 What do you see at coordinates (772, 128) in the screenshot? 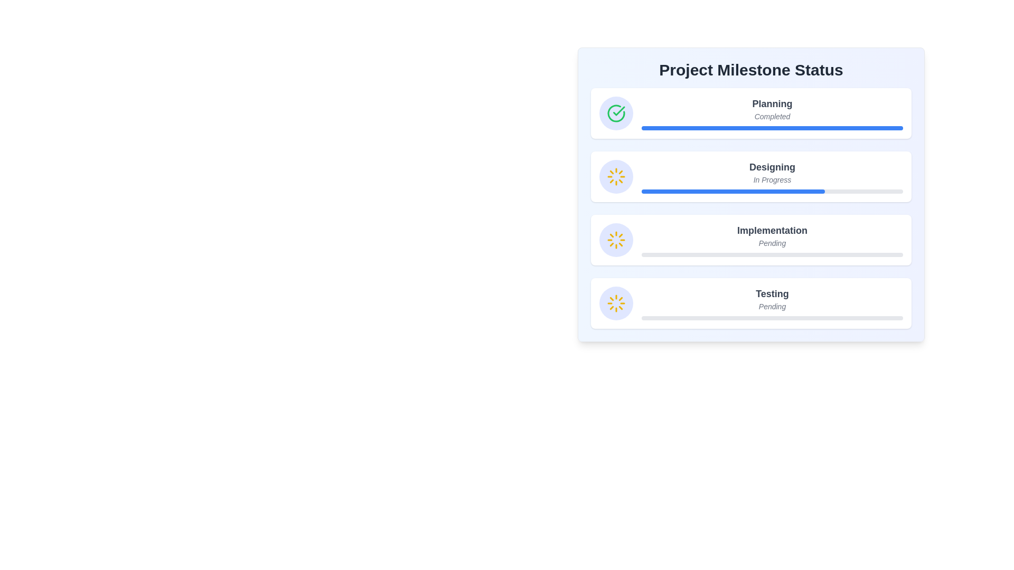
I see `the Progress Bar located beneath the title 'Planning' and the status 'Completed' within the 'Project Milestone Status' box` at bounding box center [772, 128].